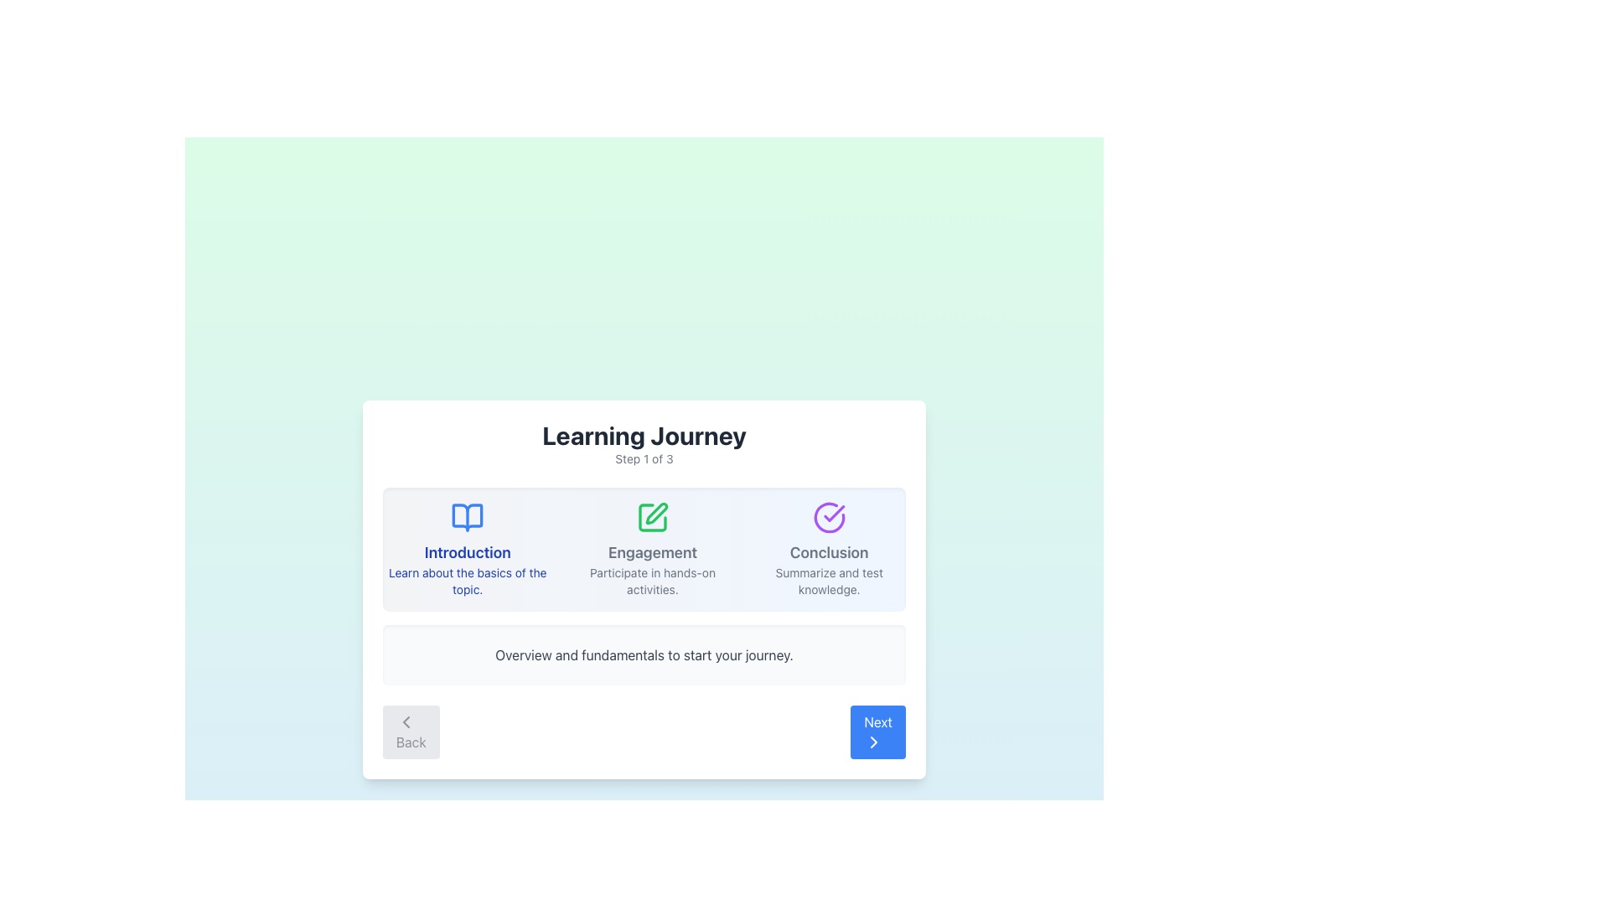  Describe the element at coordinates (650, 549) in the screenshot. I see `the informational card that features a green pen icon and the word 'Engagement' with the subtitle 'Participate in hands-on activities.'` at that location.